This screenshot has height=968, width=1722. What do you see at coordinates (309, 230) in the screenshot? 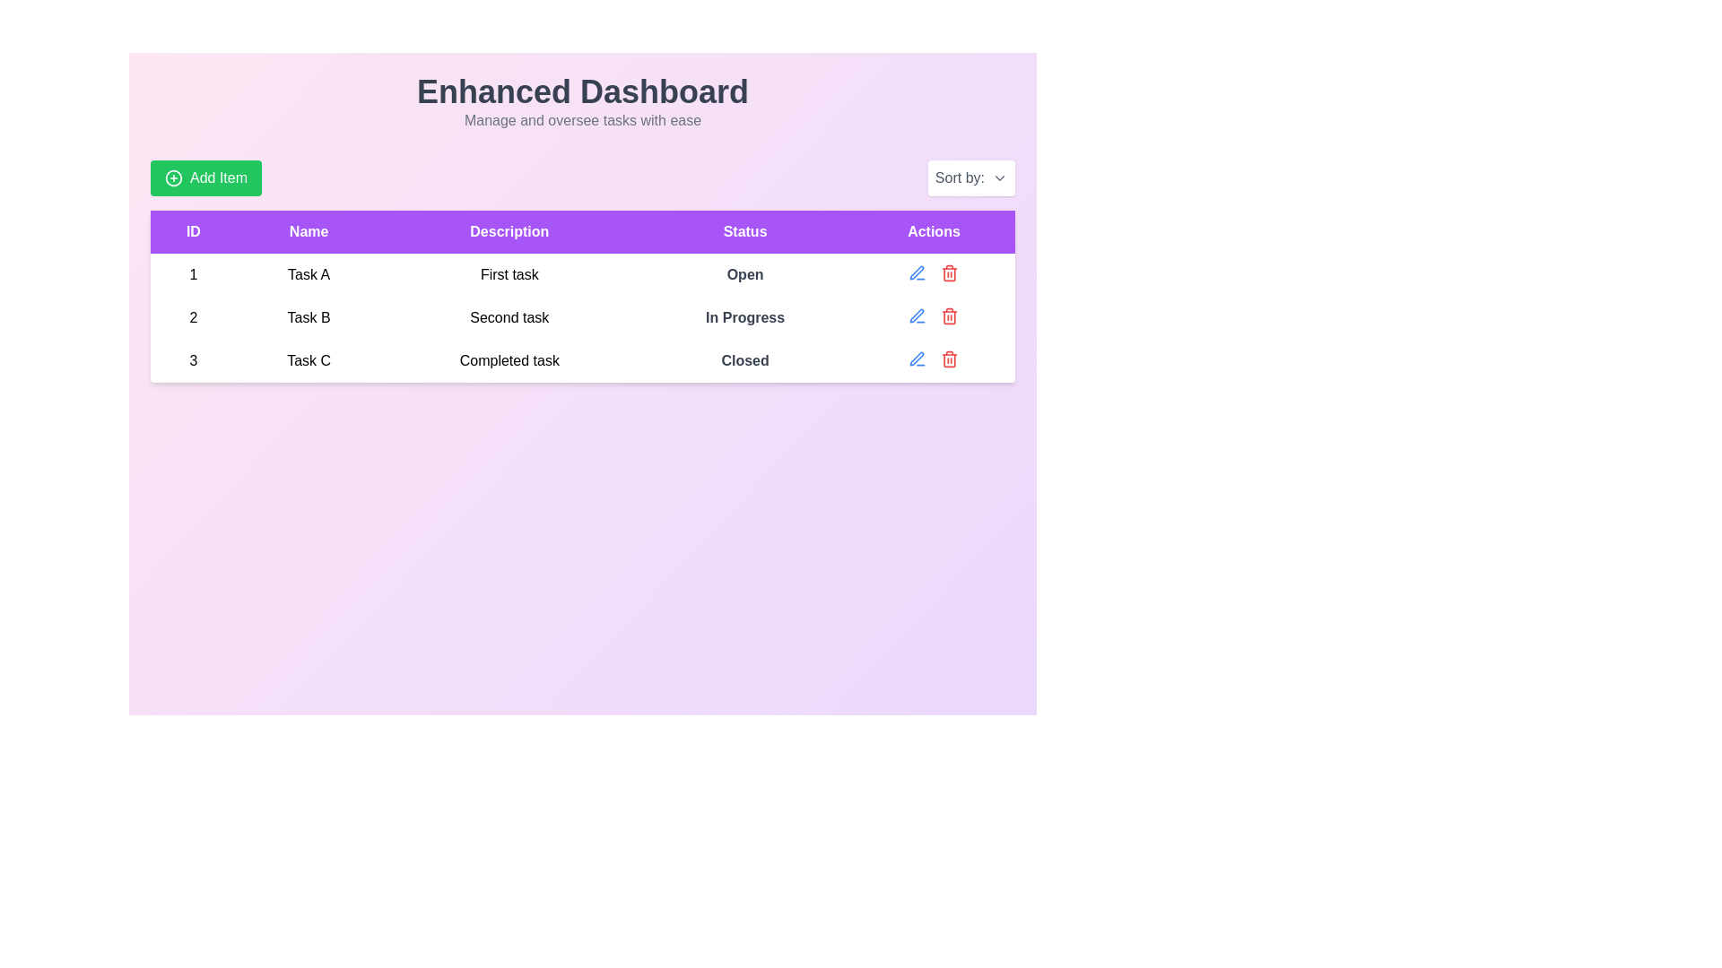
I see `the second column header in the table, which relates to the names of items` at bounding box center [309, 230].